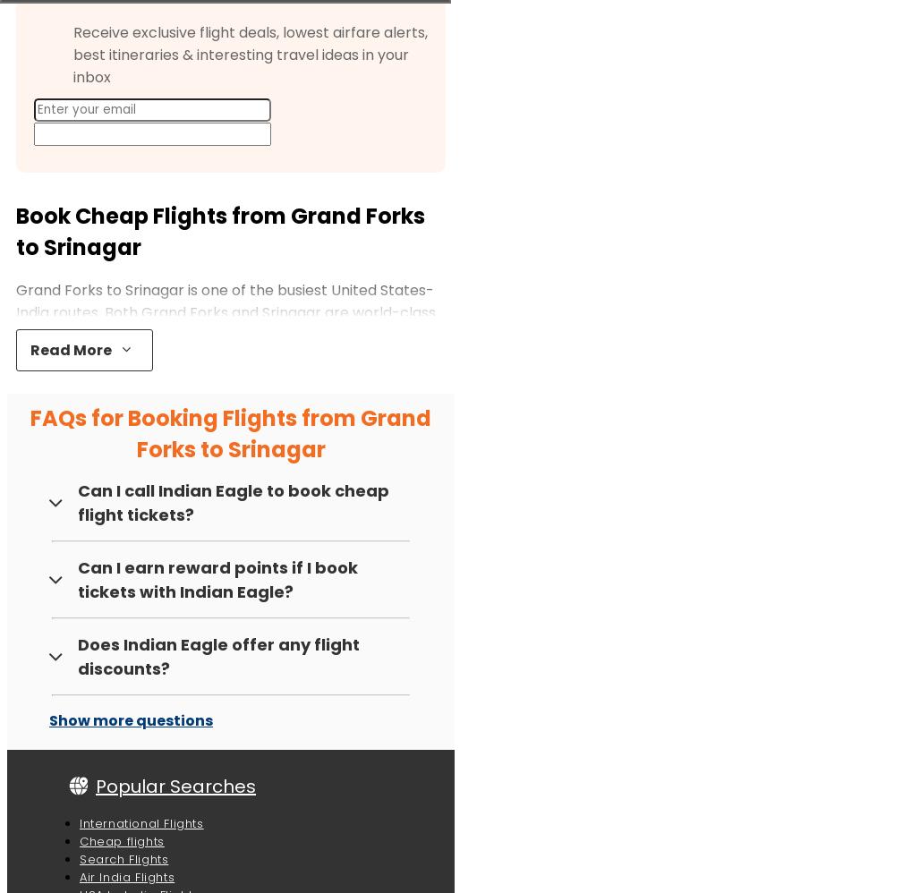 The width and height of the screenshot is (911, 893). Describe the element at coordinates (250, 53) in the screenshot. I see `'Receive exclusive flight deals, lowest airfare alerts, best itineraries & interesting travel ideas in your inbox'` at that location.